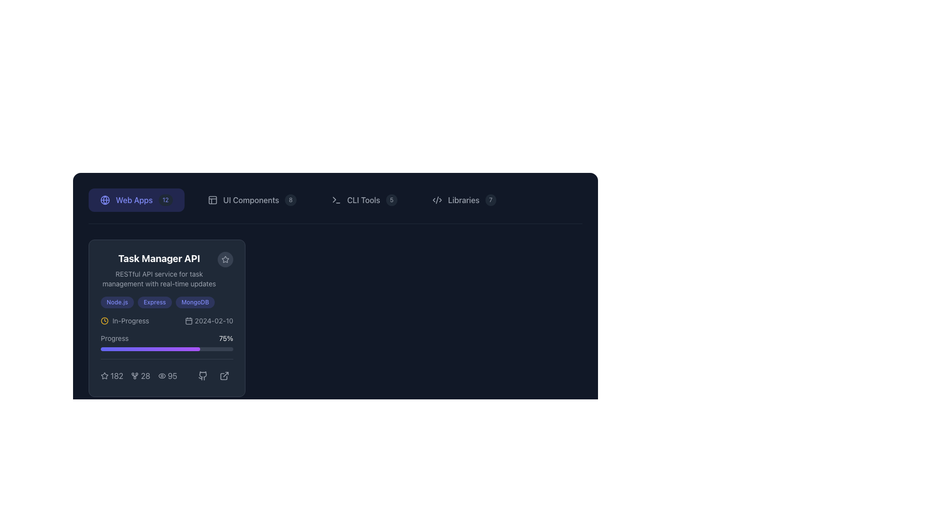 The width and height of the screenshot is (935, 526). What do you see at coordinates (337, 200) in the screenshot?
I see `the terminal icon with a command prompt symbol (>) and a horizontal line (–) in the 'CLI Tools' menu, located in the navigation bar at the top of the interface` at bounding box center [337, 200].